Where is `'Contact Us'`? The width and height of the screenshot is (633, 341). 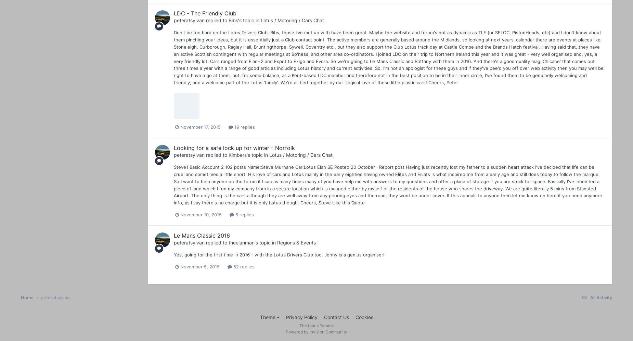
'Contact Us' is located at coordinates (323, 317).